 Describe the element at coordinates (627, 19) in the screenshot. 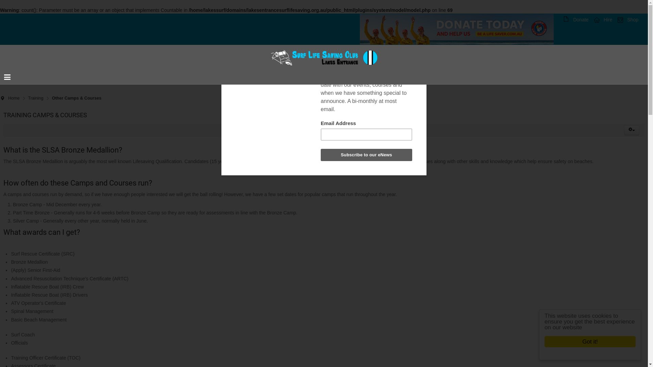

I see `'Shop'` at that location.